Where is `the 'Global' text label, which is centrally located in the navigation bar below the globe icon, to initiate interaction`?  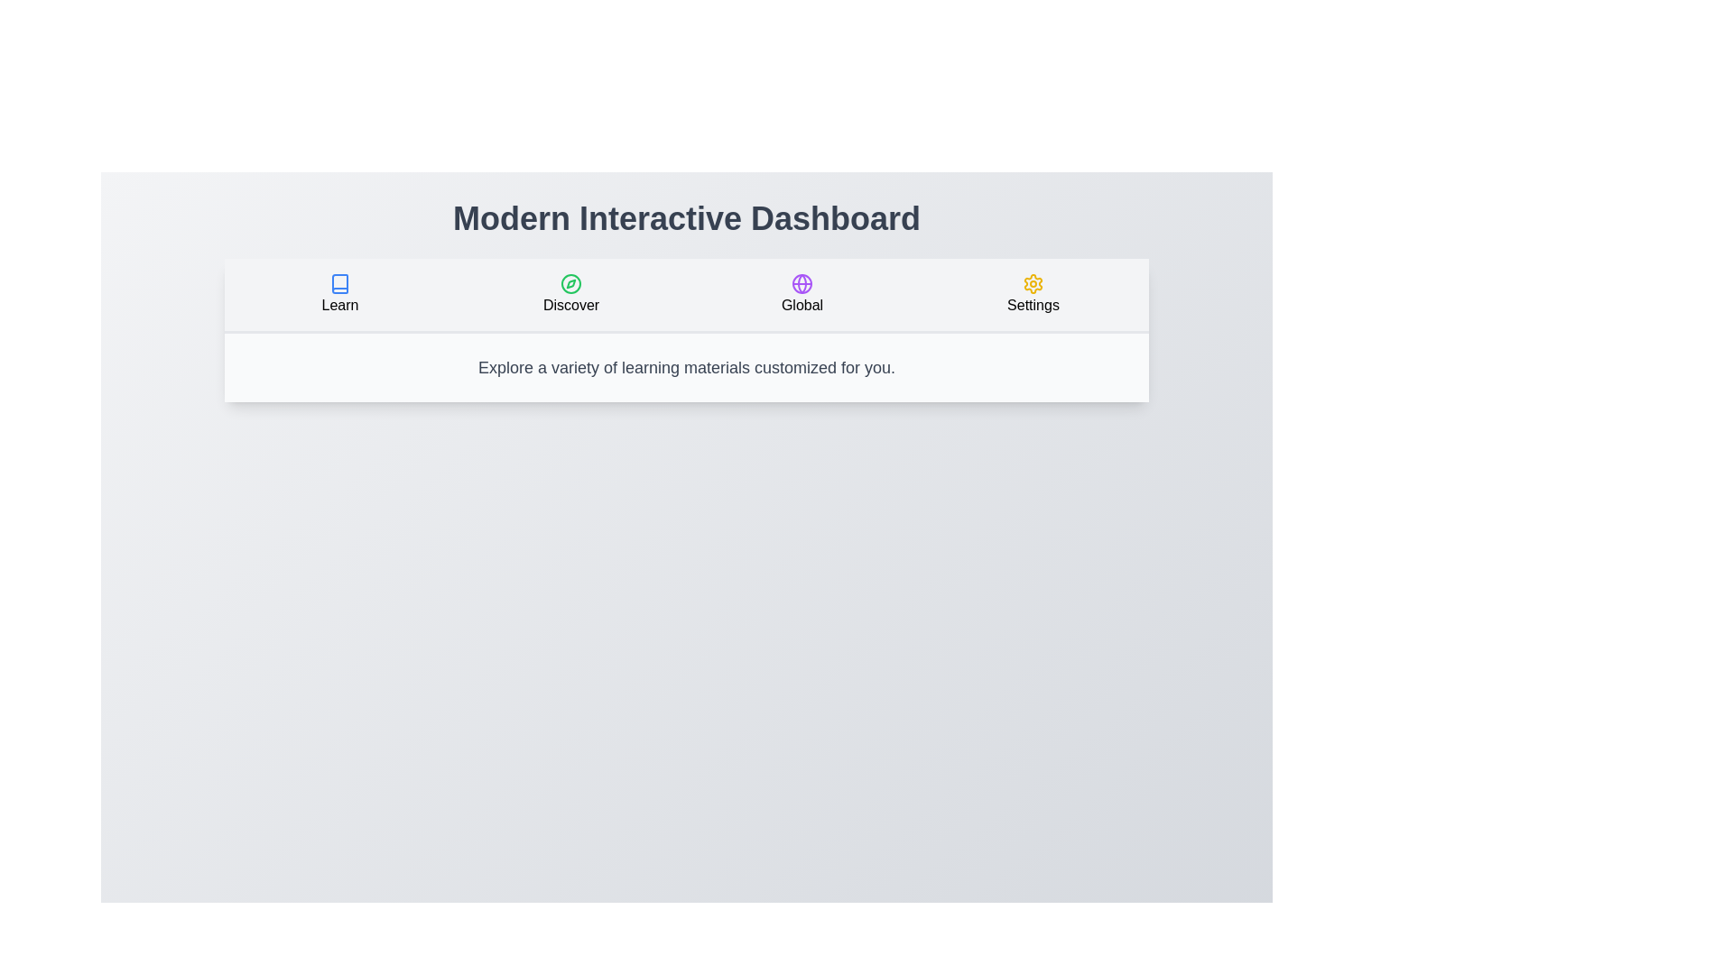
the 'Global' text label, which is centrally located in the navigation bar below the globe icon, to initiate interaction is located at coordinates (801, 305).